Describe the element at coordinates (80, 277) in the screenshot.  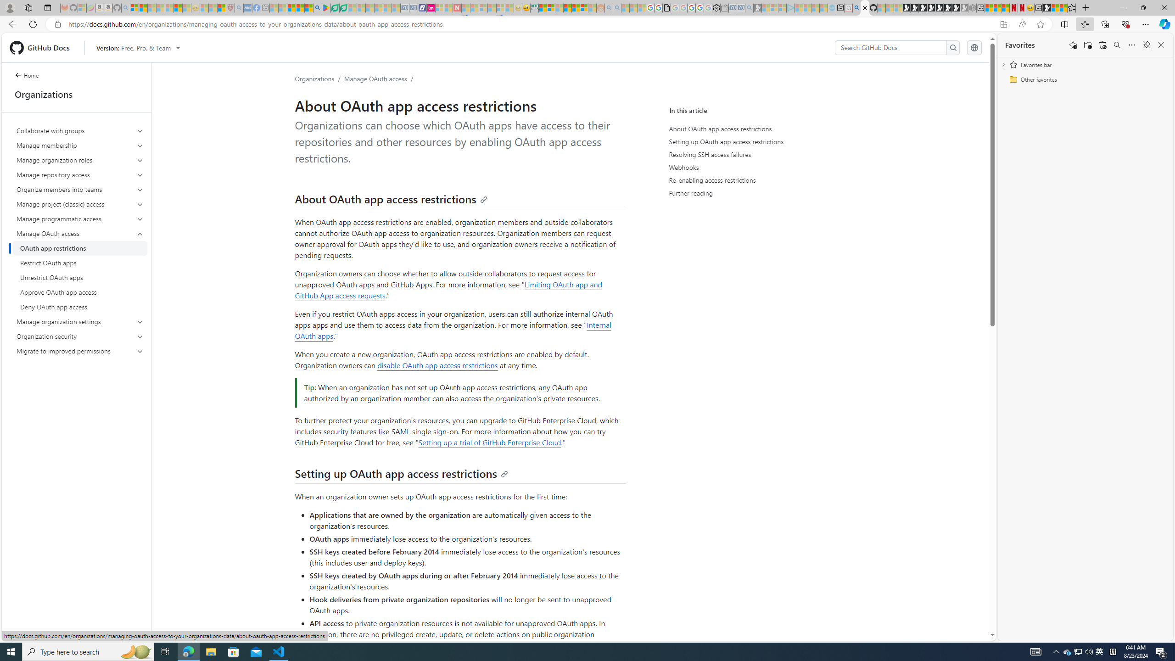
I see `'Unrestrict OAuth apps'` at that location.